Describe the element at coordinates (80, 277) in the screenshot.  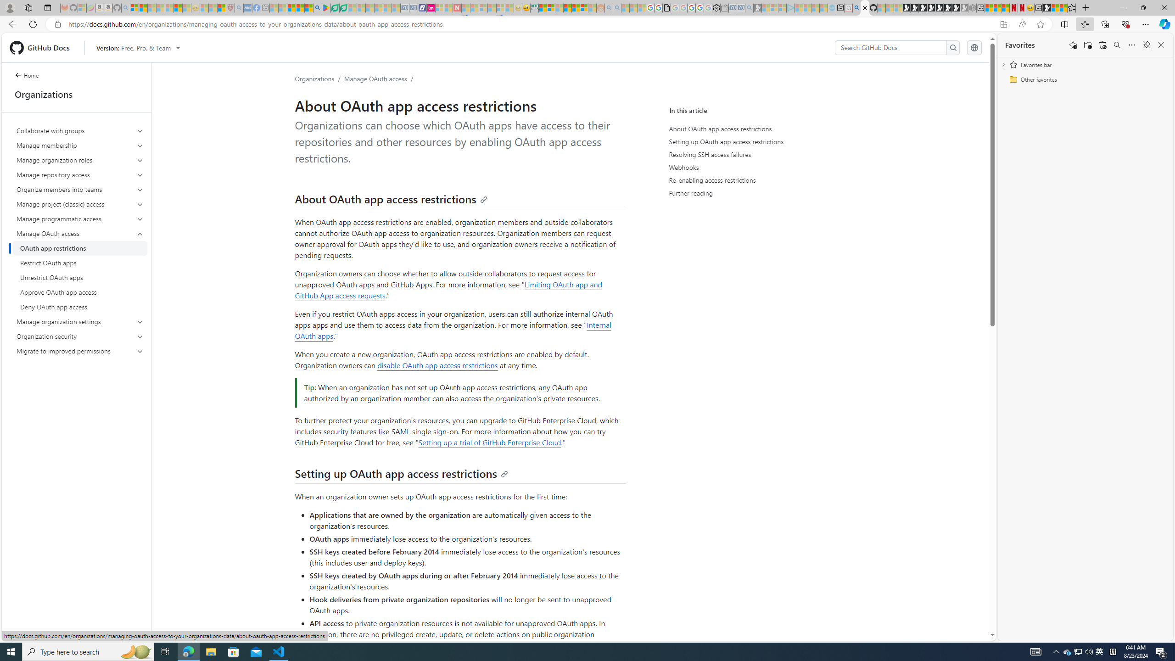
I see `'Unrestrict OAuth apps'` at that location.